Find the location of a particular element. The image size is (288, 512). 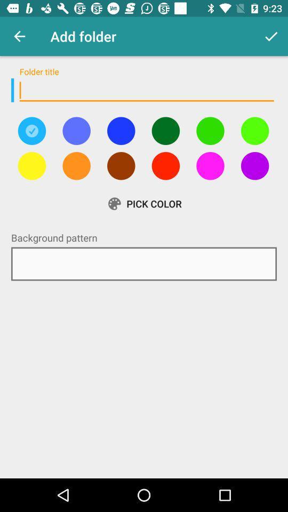

switch folder color orange is located at coordinates (76, 166).